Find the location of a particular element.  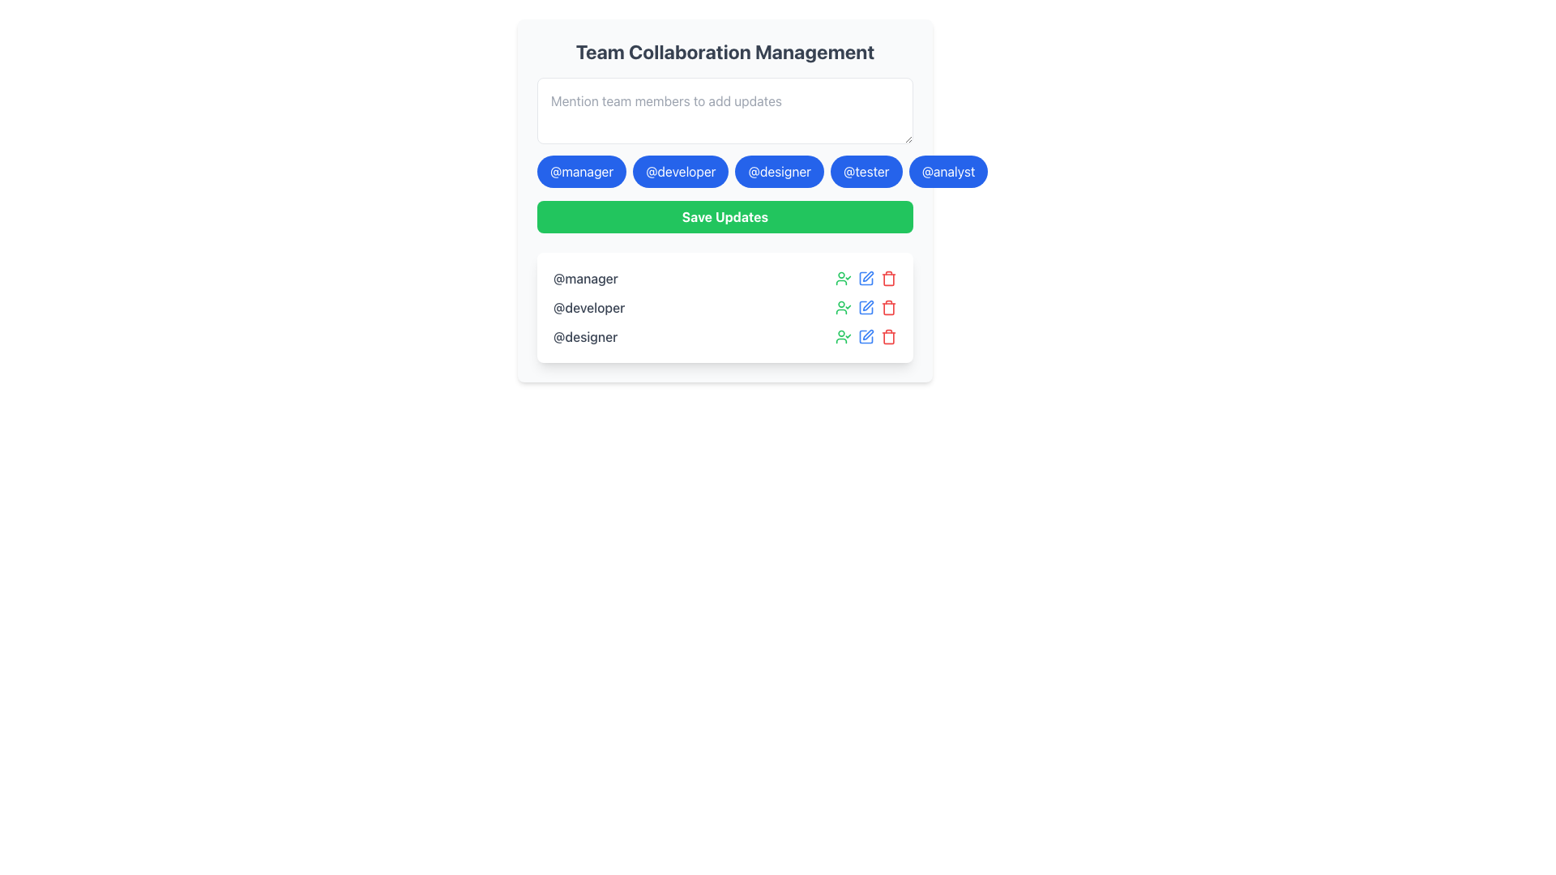

the static text label '@manager' which is styled in medium-sized gray font and located in the first row of team members, to the left of action icons is located at coordinates (584, 277).